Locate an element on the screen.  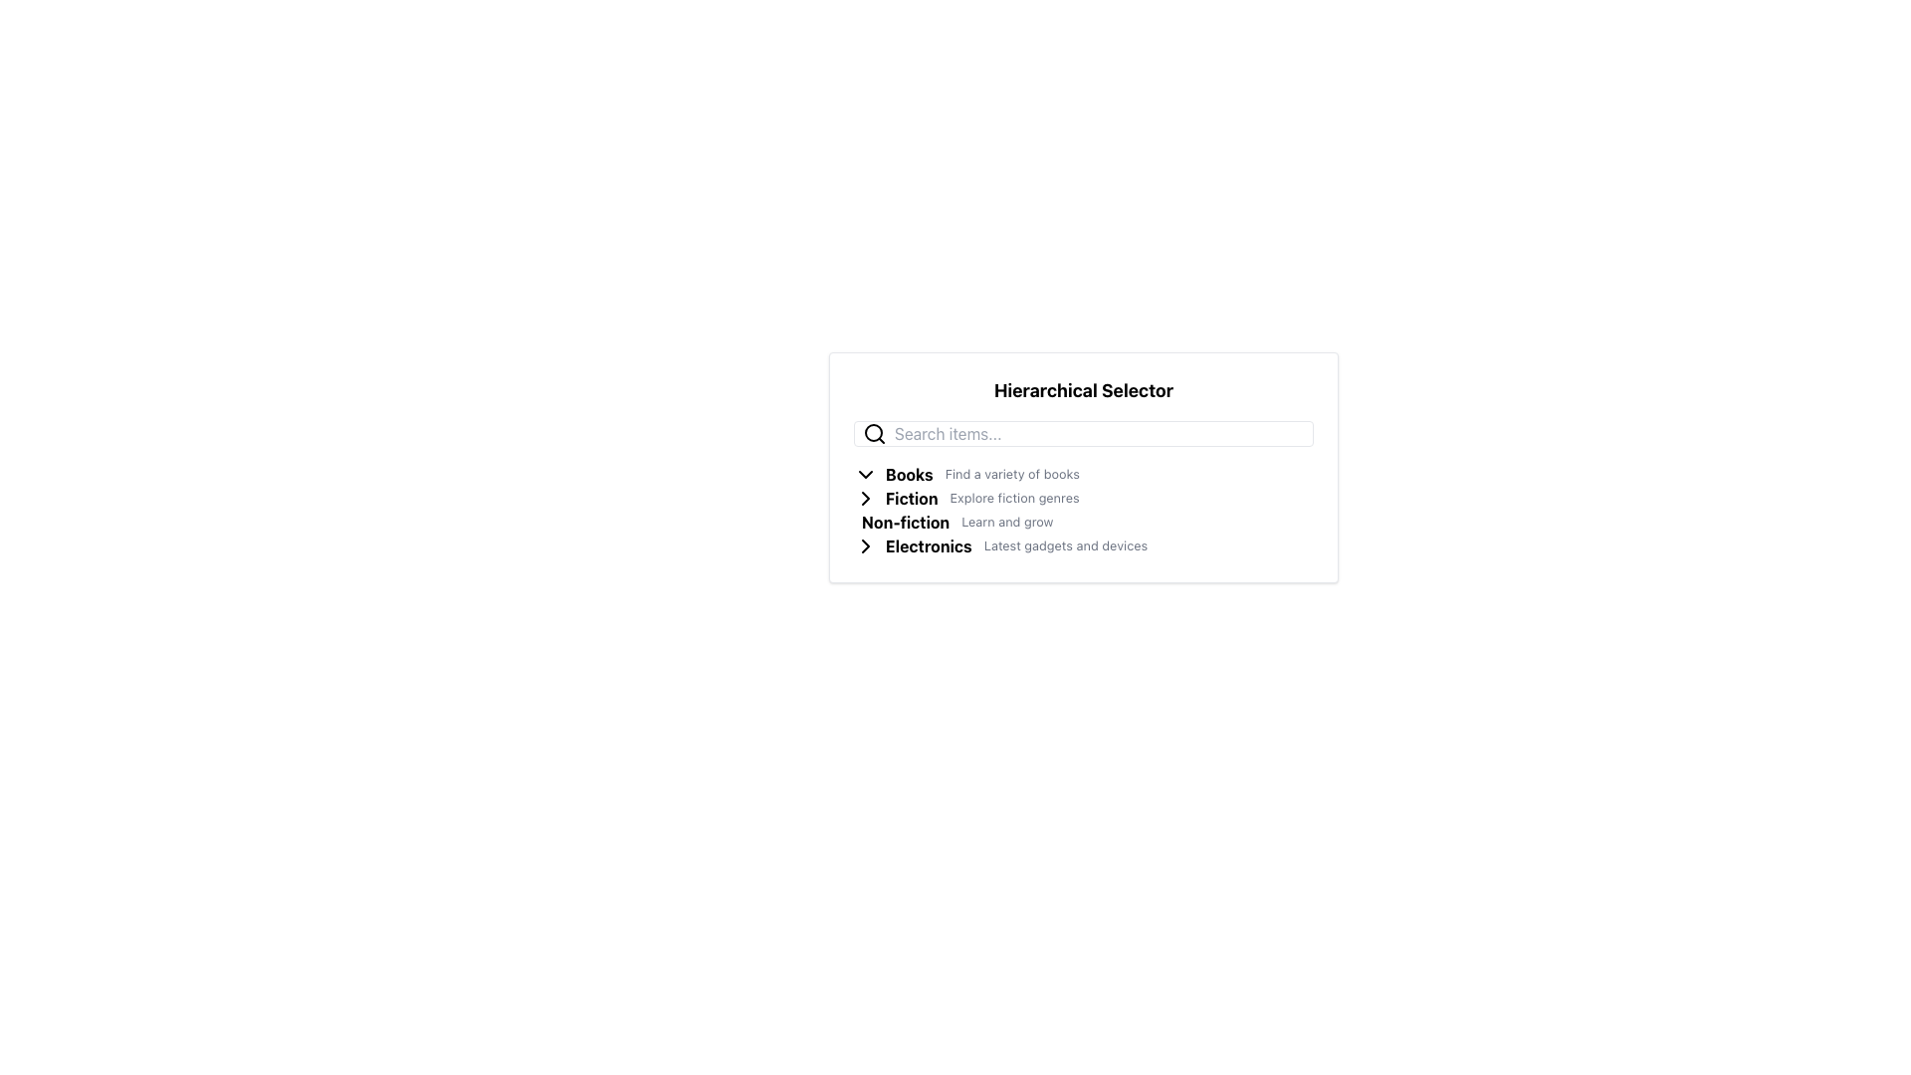
the right-chevron icon next to the 'Electronics' label is located at coordinates (865, 545).